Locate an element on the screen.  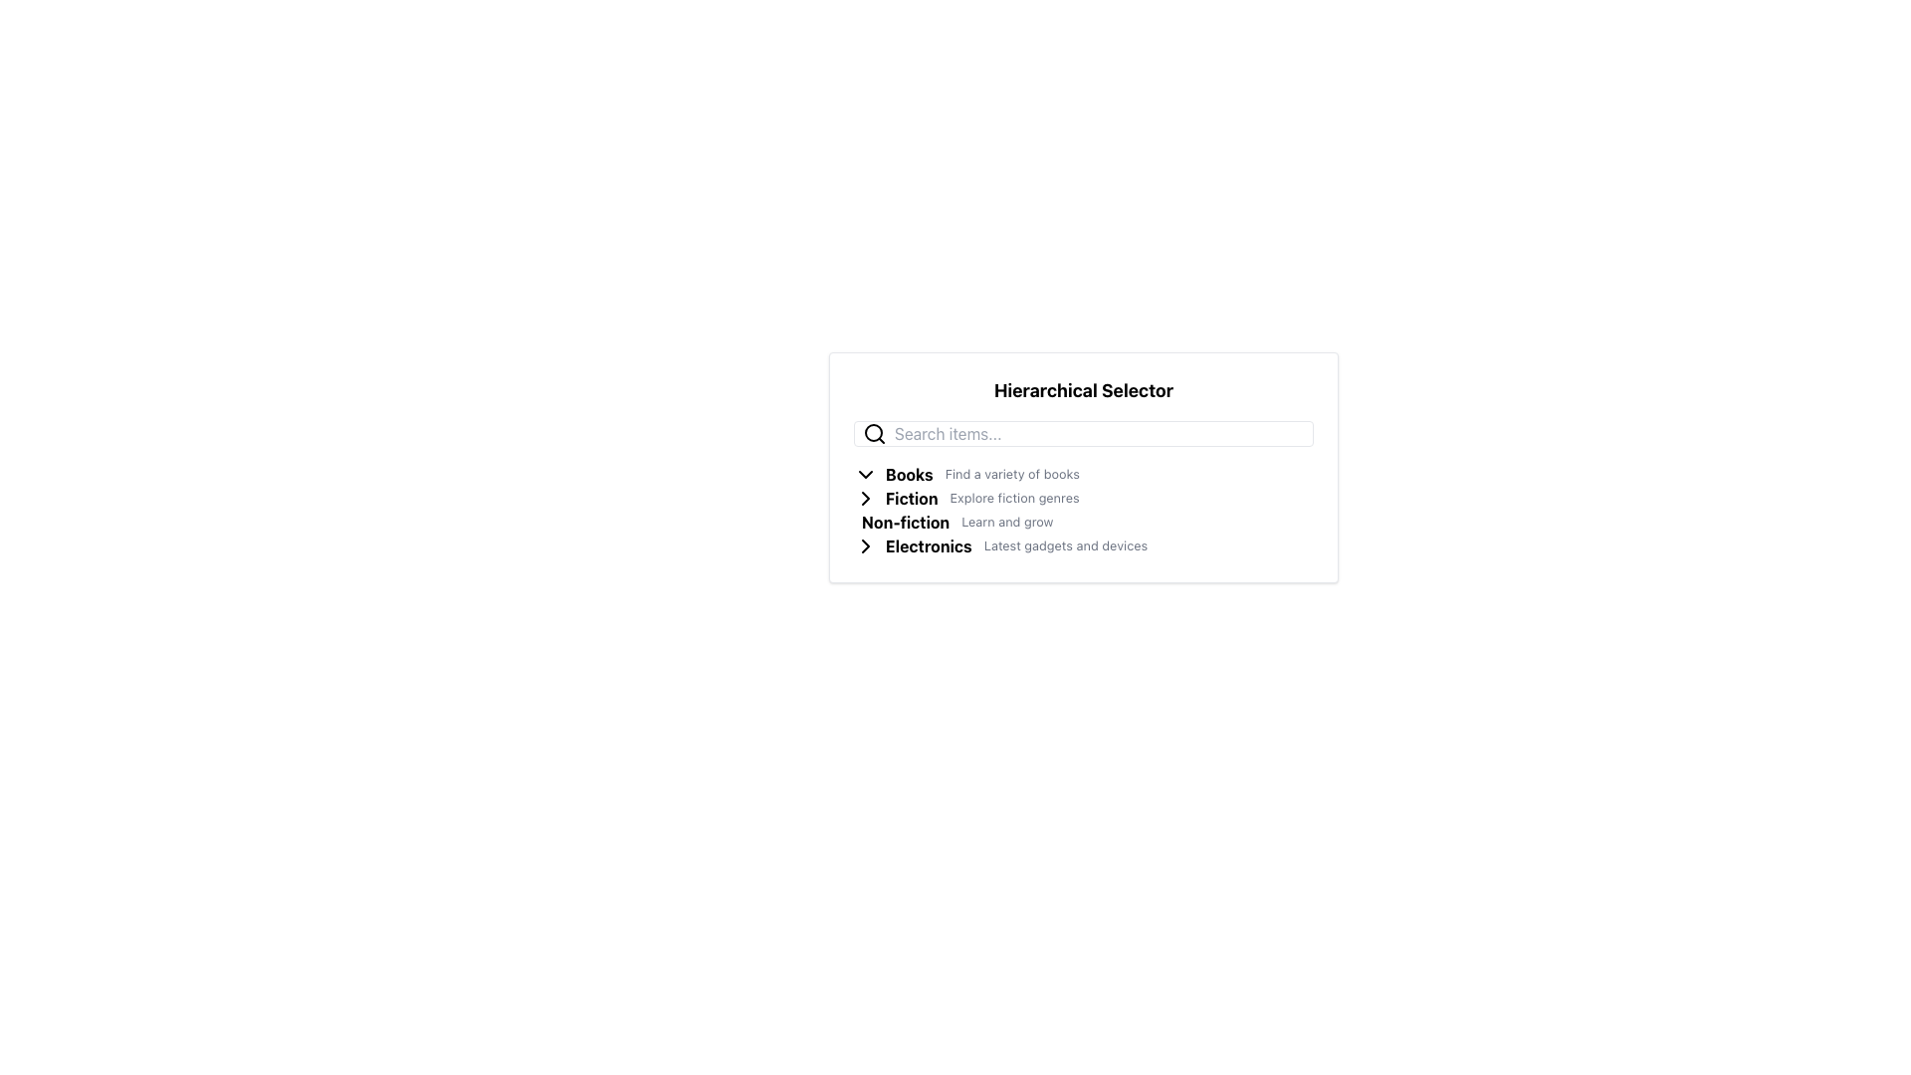
the right-chevron icon next to the 'Electronics' label is located at coordinates (865, 545).